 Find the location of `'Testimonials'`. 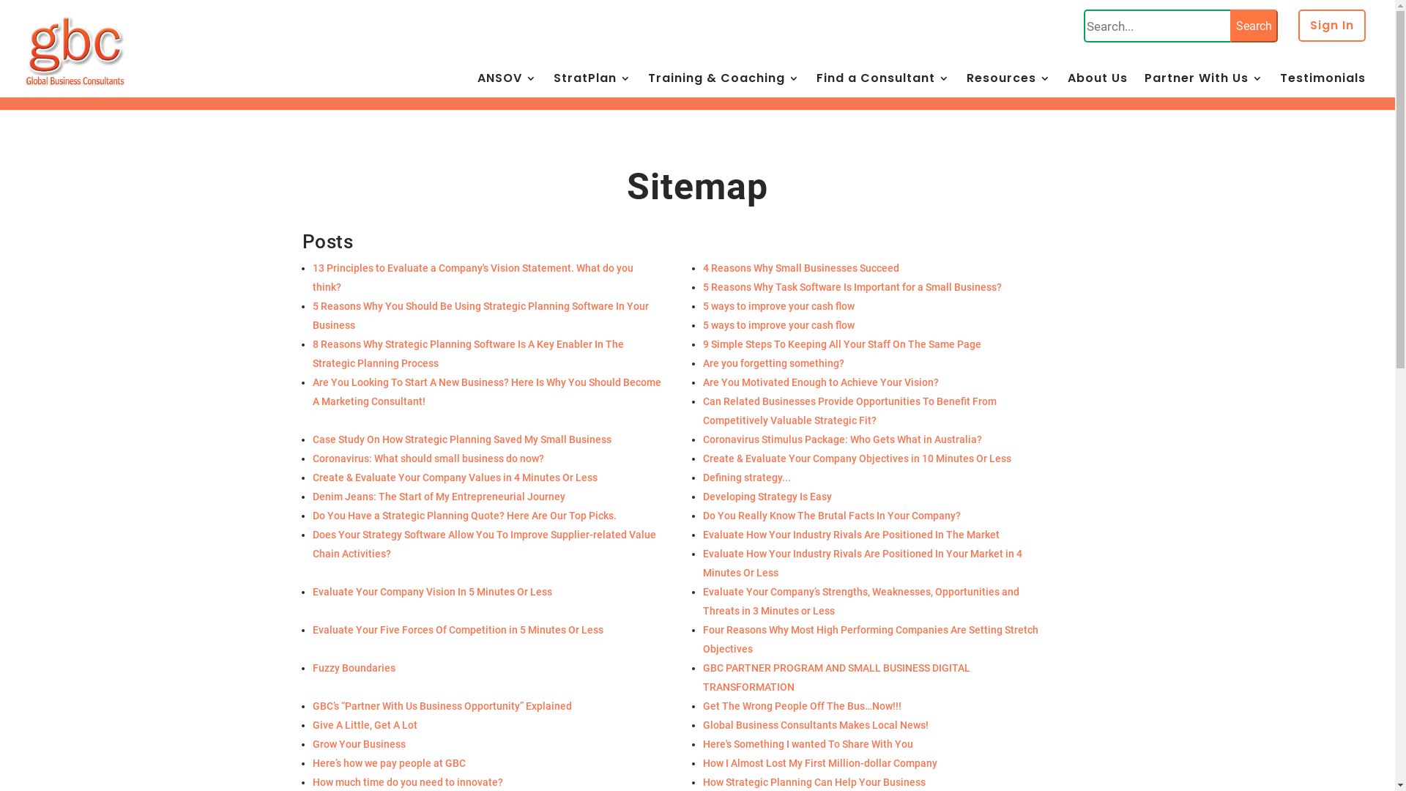

'Testimonials' is located at coordinates (1323, 87).